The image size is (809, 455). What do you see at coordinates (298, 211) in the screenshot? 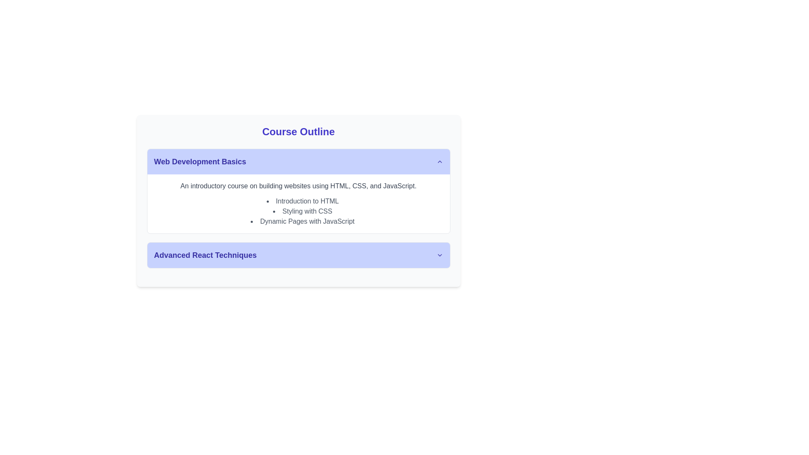
I see `the Bulleted List element that illustrates the main topics under the 'Web Development Basics' section, positioned beneath the introductory descriptive text` at bounding box center [298, 211].